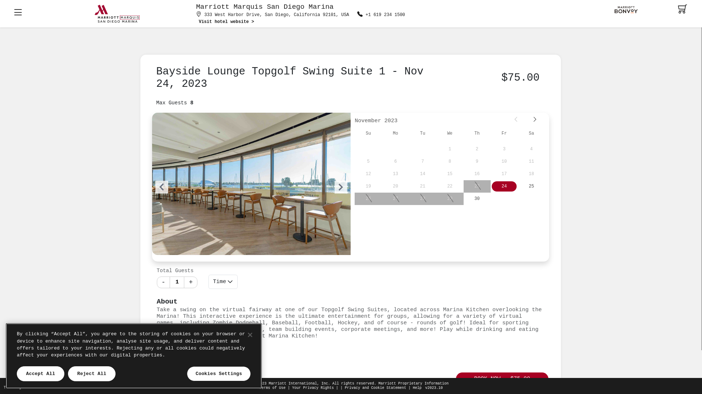  What do you see at coordinates (423, 198) in the screenshot?
I see `'28'` at bounding box center [423, 198].